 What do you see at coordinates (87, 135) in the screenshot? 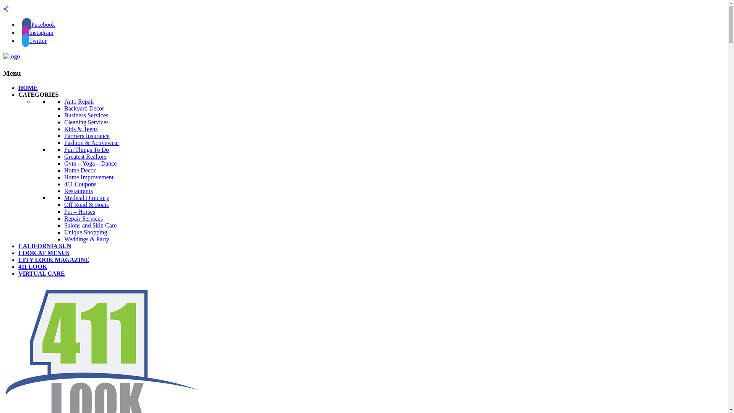
I see `'Farmers Insurance'` at bounding box center [87, 135].